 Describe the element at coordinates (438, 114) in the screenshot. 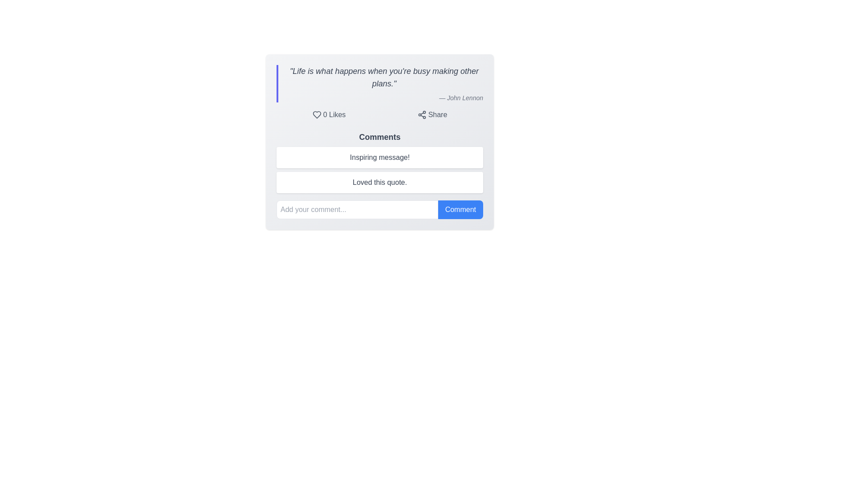

I see `the descriptive label for the sharing function positioned to the right of the share icon in the quote section` at that location.